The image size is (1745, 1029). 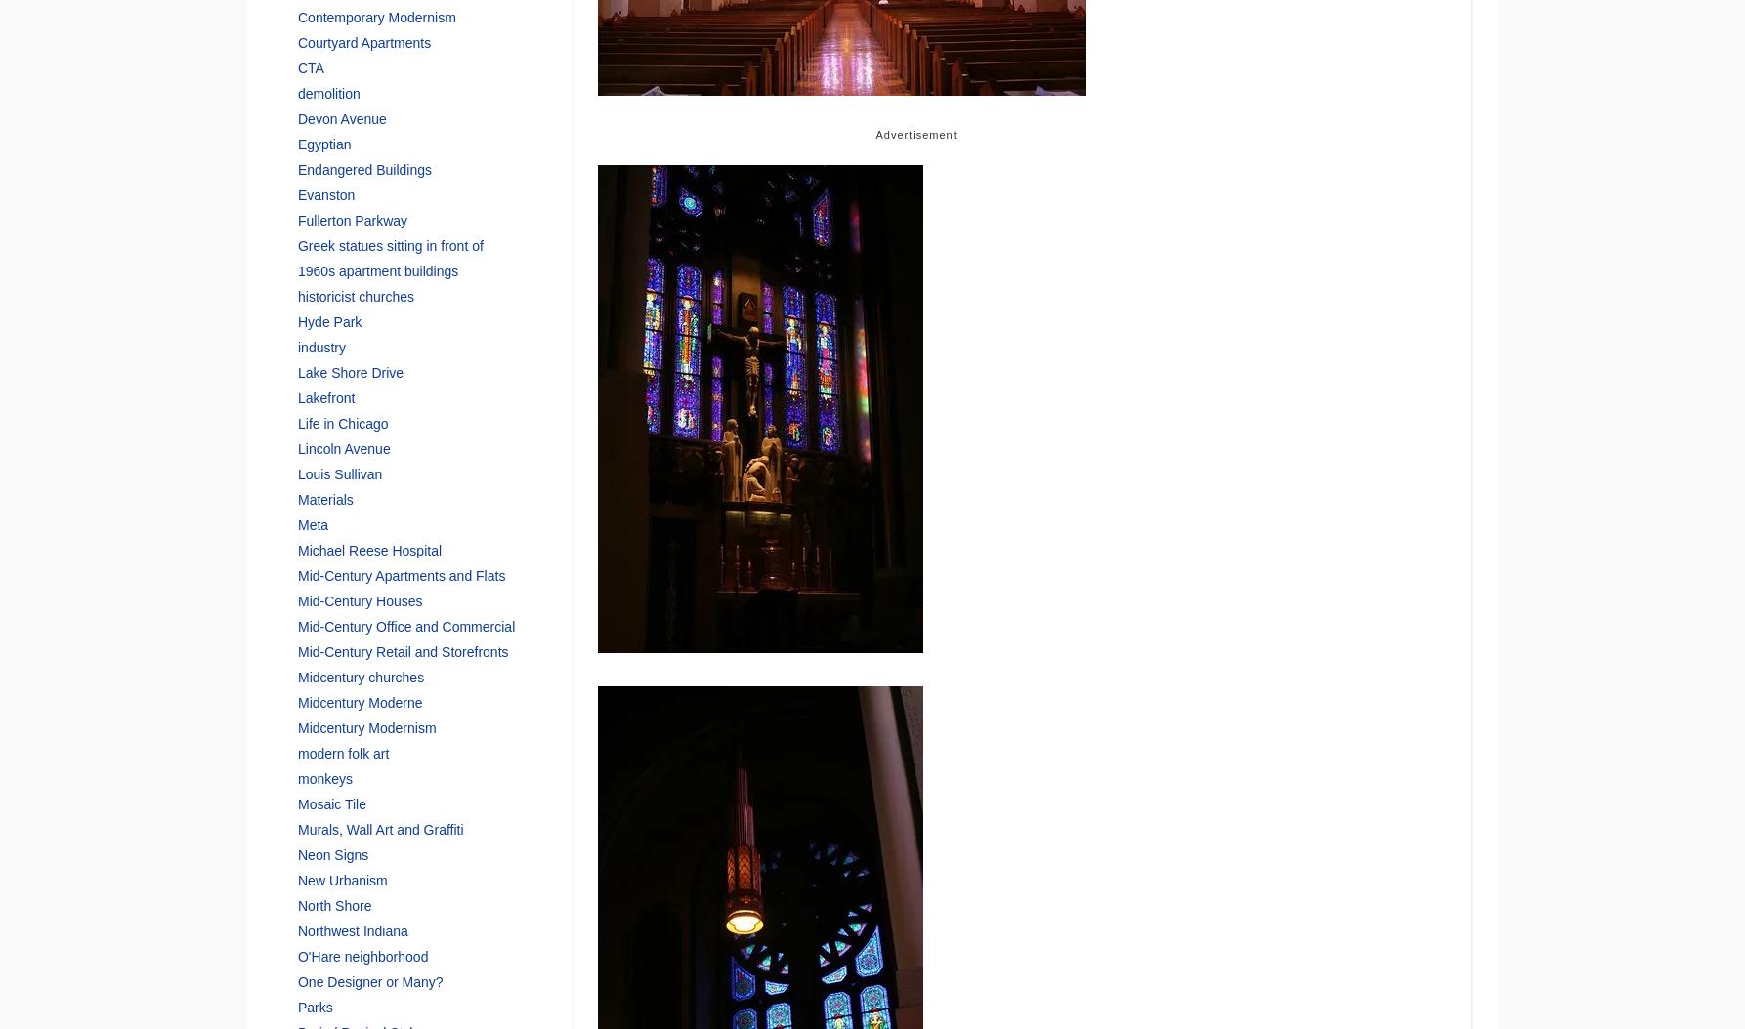 What do you see at coordinates (327, 91) in the screenshot?
I see `'demolition'` at bounding box center [327, 91].